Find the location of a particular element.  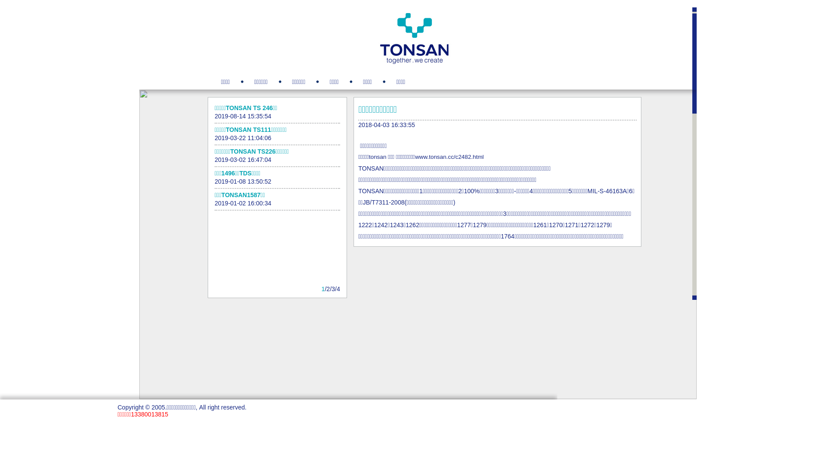

'1' is located at coordinates (323, 289).